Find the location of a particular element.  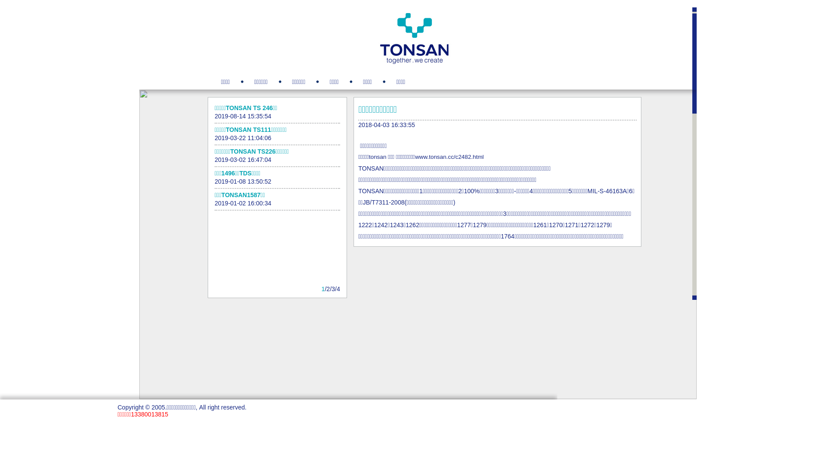

'1' is located at coordinates (323, 289).